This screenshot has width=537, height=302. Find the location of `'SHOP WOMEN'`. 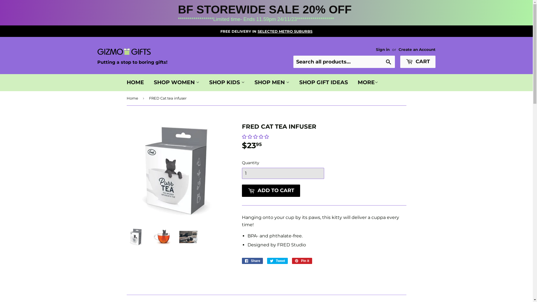

'SHOP WOMEN' is located at coordinates (149, 82).